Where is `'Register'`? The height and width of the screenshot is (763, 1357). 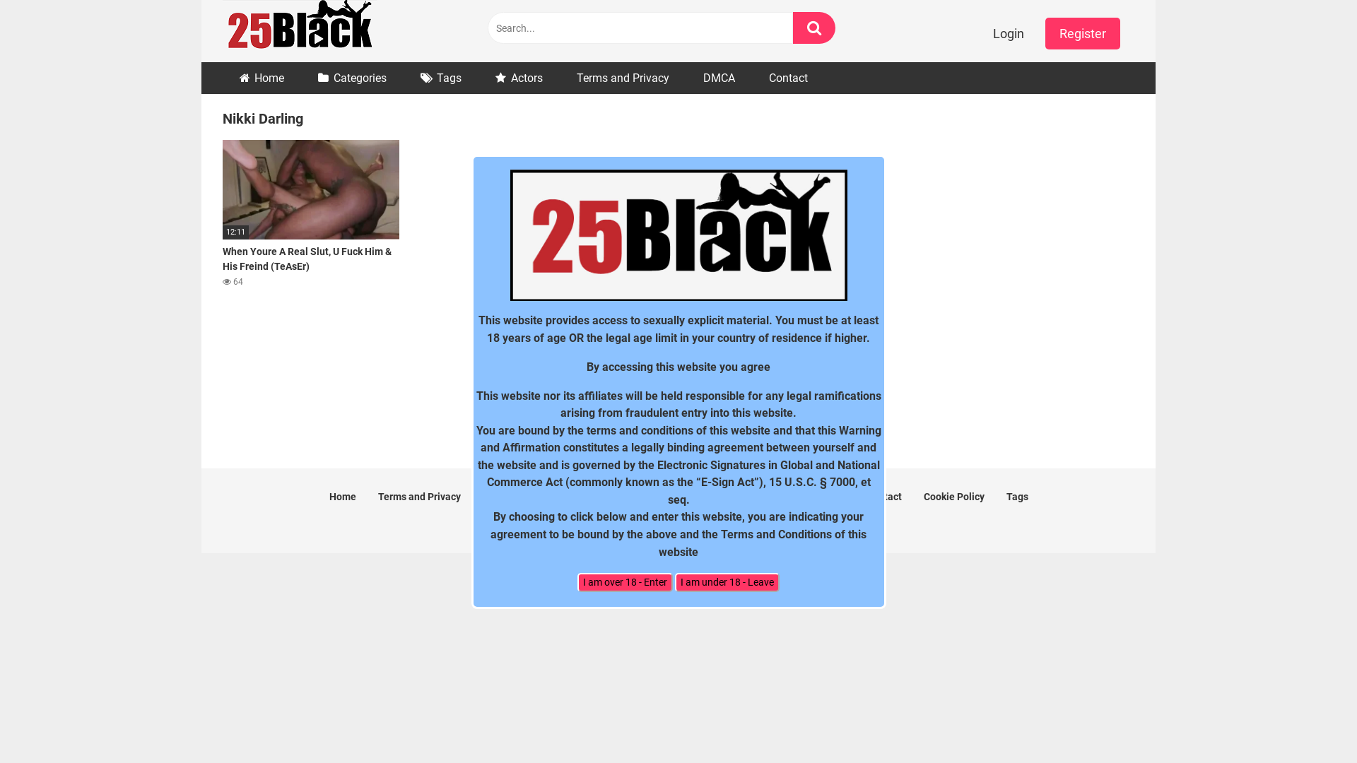 'Register' is located at coordinates (1081, 32).